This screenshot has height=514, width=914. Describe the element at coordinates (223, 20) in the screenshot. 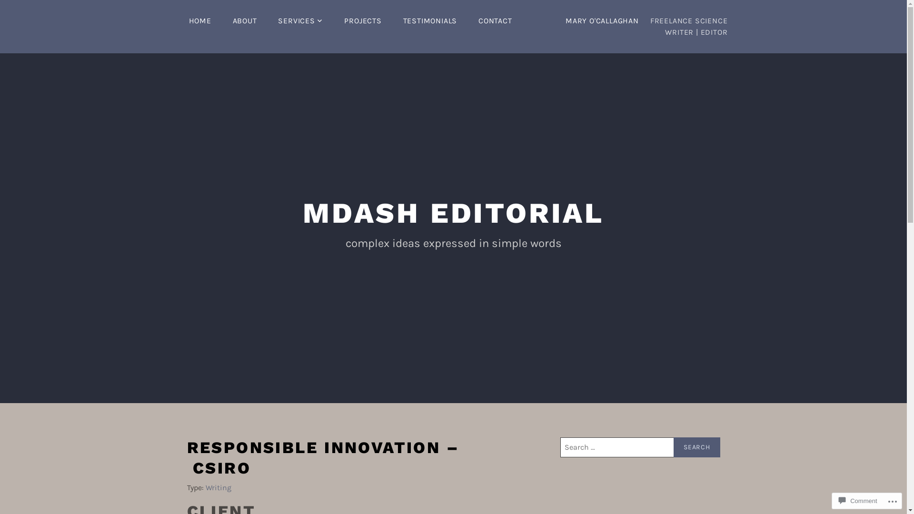

I see `'ABOUT'` at that location.